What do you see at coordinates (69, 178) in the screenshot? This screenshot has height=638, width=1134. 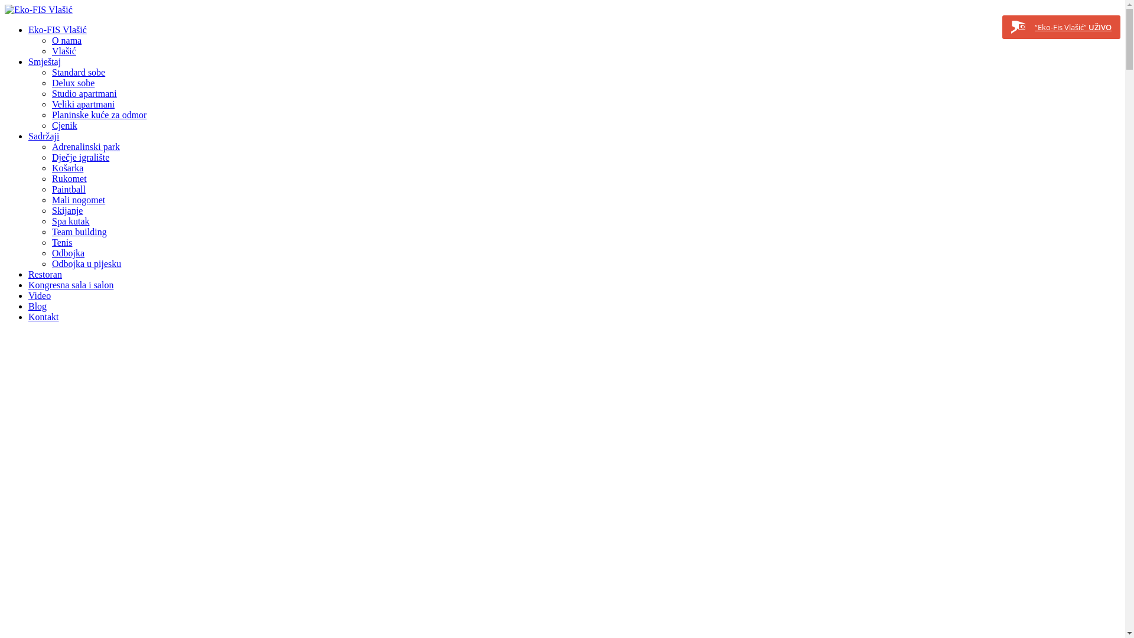 I see `'Rukomet'` at bounding box center [69, 178].